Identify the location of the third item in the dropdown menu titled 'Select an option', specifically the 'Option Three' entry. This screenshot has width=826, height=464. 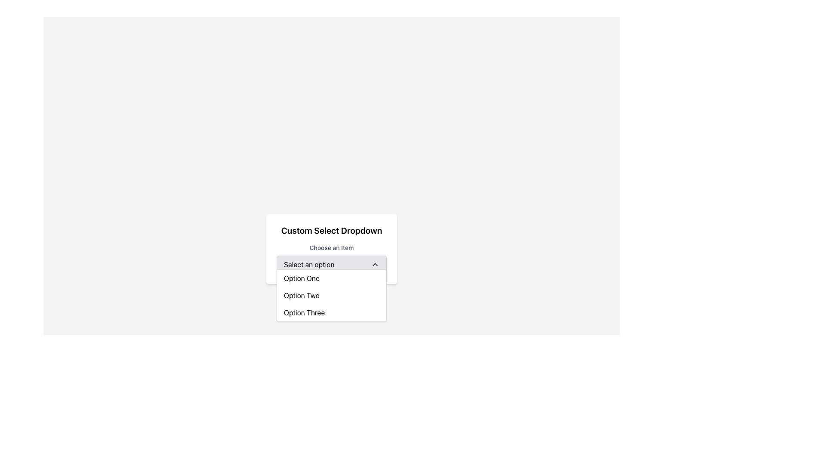
(331, 313).